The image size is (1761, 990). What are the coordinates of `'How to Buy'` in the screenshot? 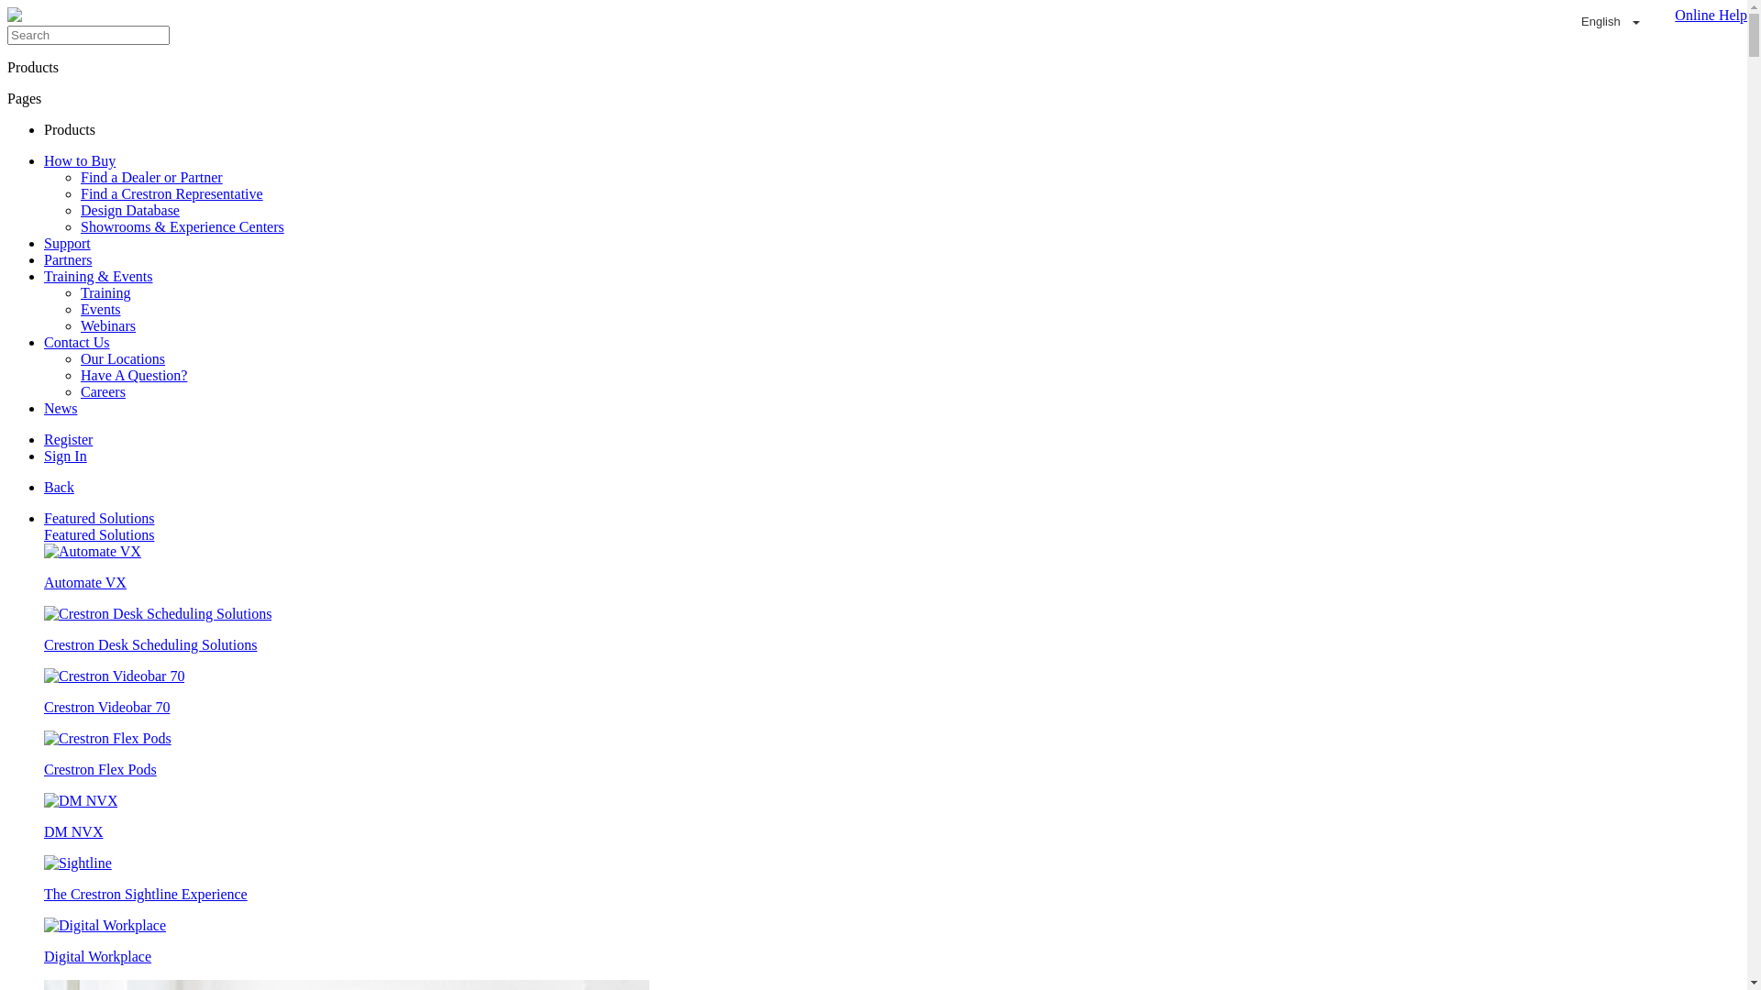 It's located at (78, 159).